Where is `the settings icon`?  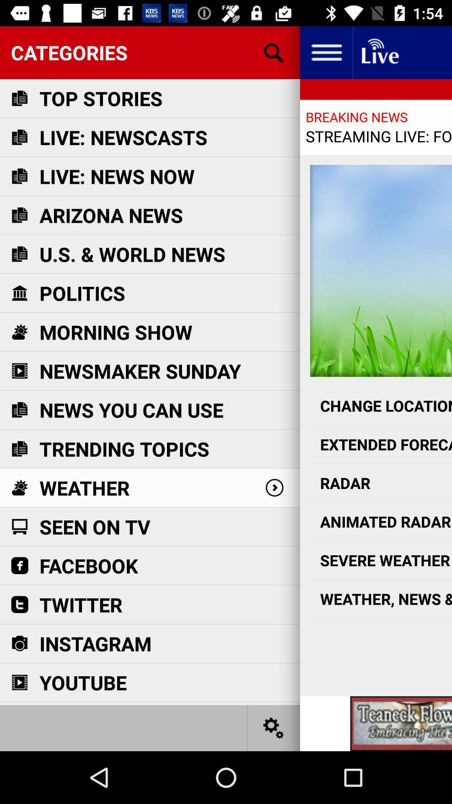
the settings icon is located at coordinates (274, 727).